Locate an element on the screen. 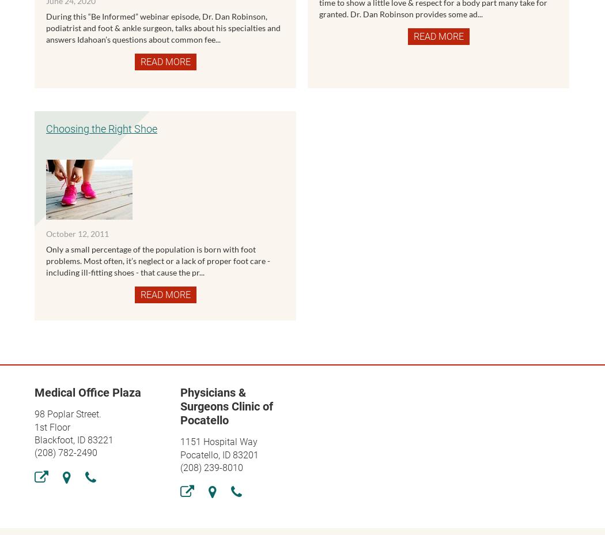  'Medical Office Plaza' is located at coordinates (88, 392).